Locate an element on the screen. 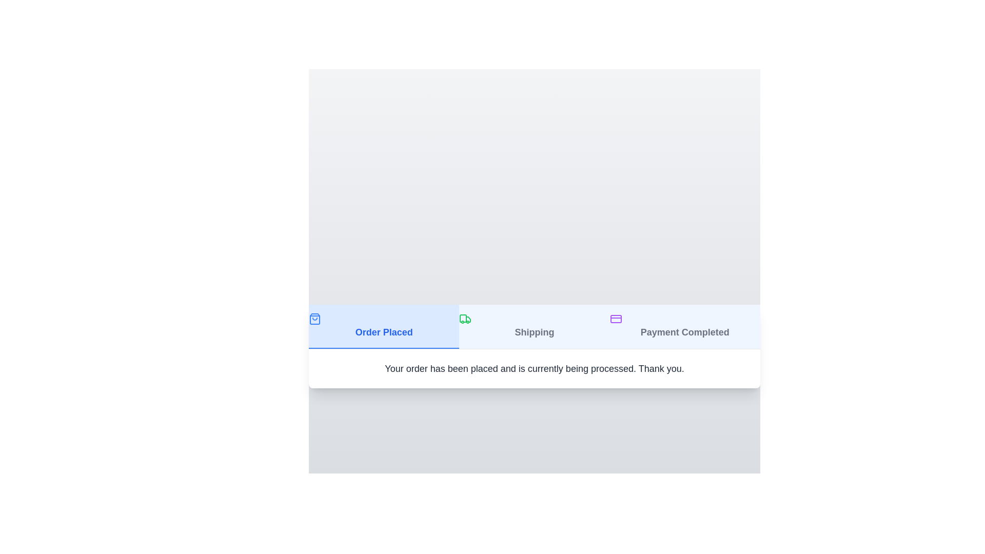 The width and height of the screenshot is (985, 554). the tab corresponding to Order Placed is located at coordinates (383, 326).